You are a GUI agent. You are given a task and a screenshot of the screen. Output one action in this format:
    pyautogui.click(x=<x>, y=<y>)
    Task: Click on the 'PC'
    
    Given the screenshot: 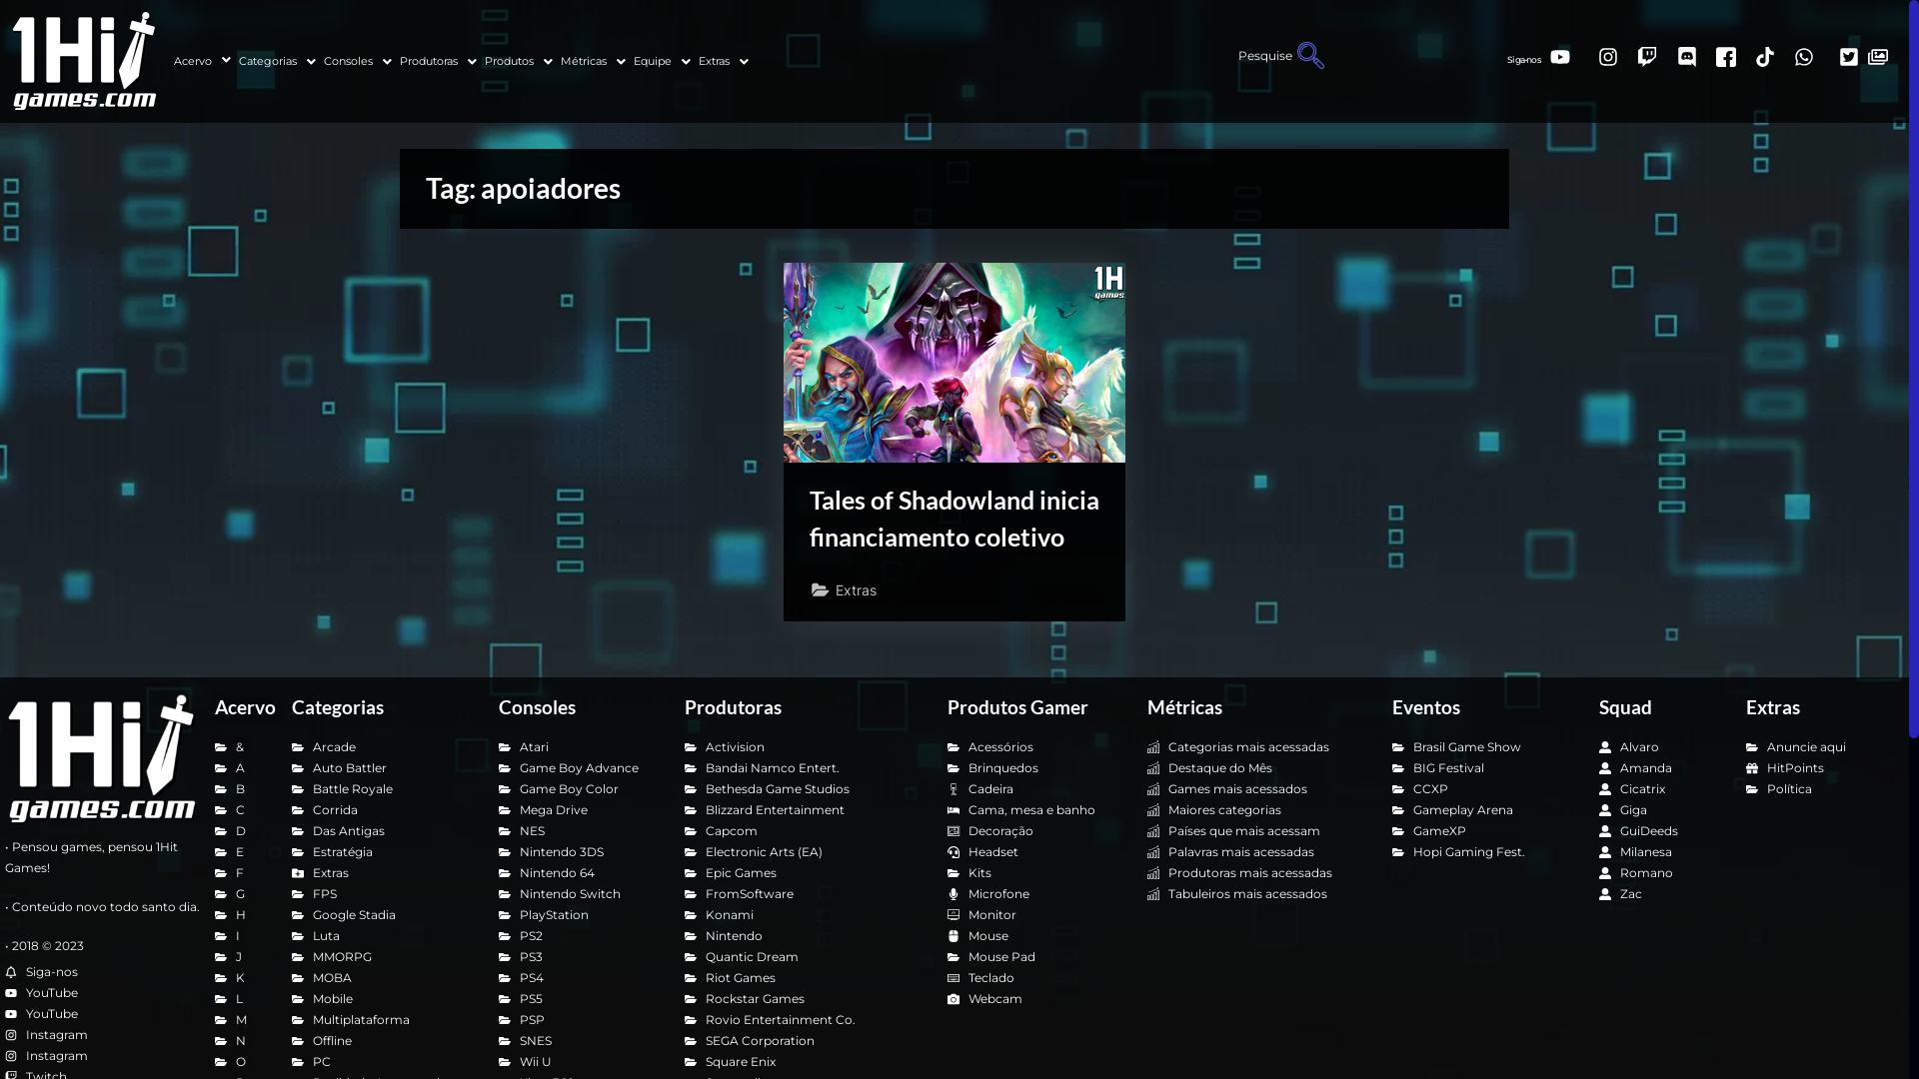 What is the action you would take?
    pyautogui.click(x=385, y=1060)
    